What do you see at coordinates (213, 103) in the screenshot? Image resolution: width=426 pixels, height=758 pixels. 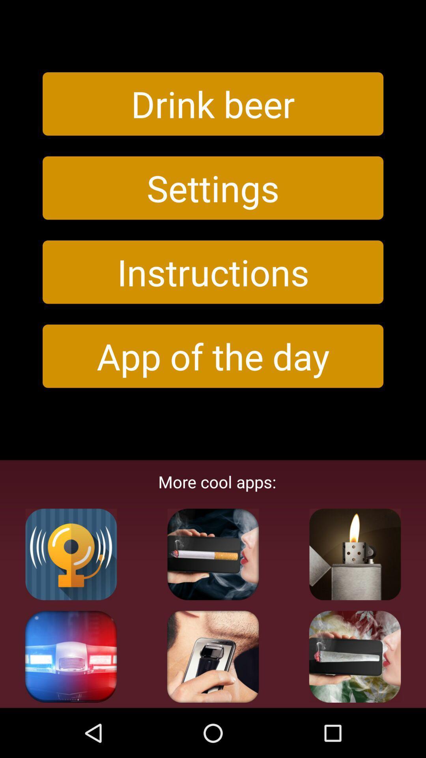 I see `the icon above the settings button` at bounding box center [213, 103].